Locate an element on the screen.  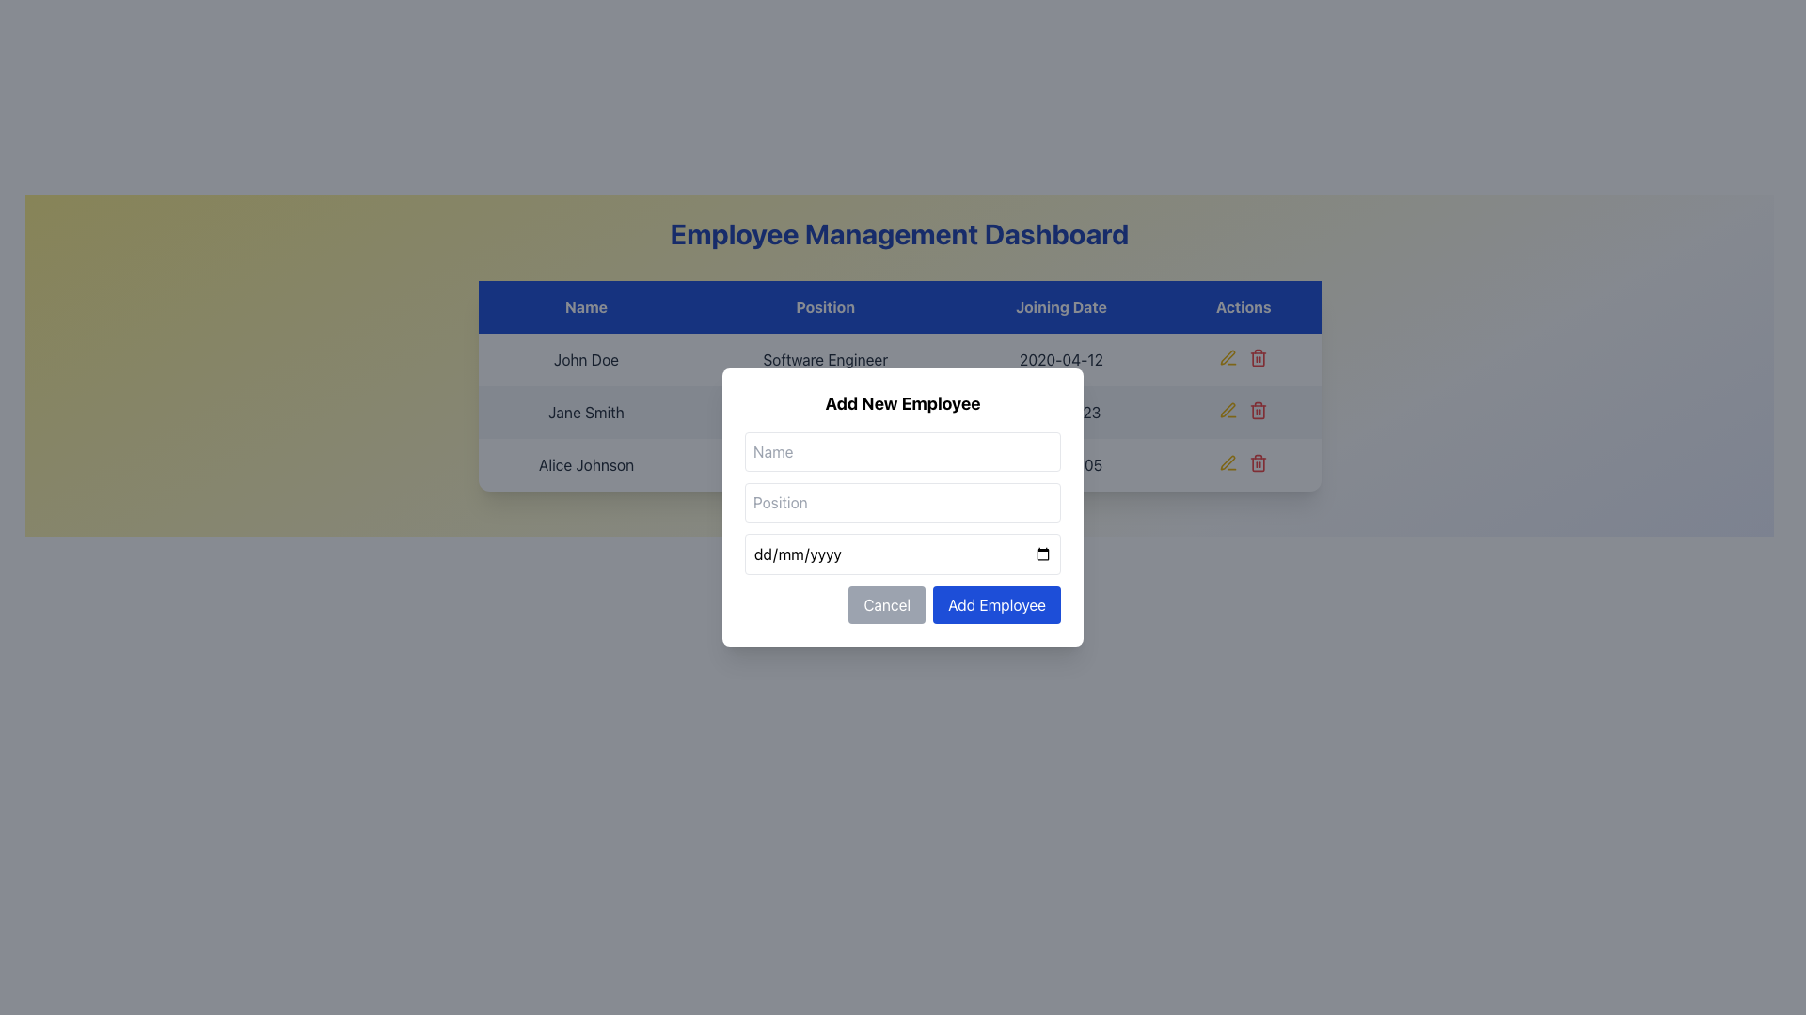
the edit button in the Actions column of the second row corresponding to 'Jane Smith' is located at coordinates (1228, 409).